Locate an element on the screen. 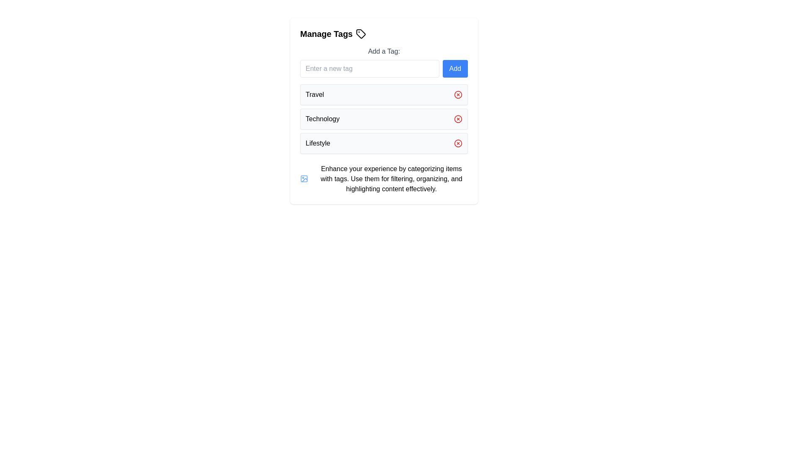 The width and height of the screenshot is (805, 453). the 'Technology' tag item, which is the second tag in the list under the 'Add a Tag' section is located at coordinates (384, 111).